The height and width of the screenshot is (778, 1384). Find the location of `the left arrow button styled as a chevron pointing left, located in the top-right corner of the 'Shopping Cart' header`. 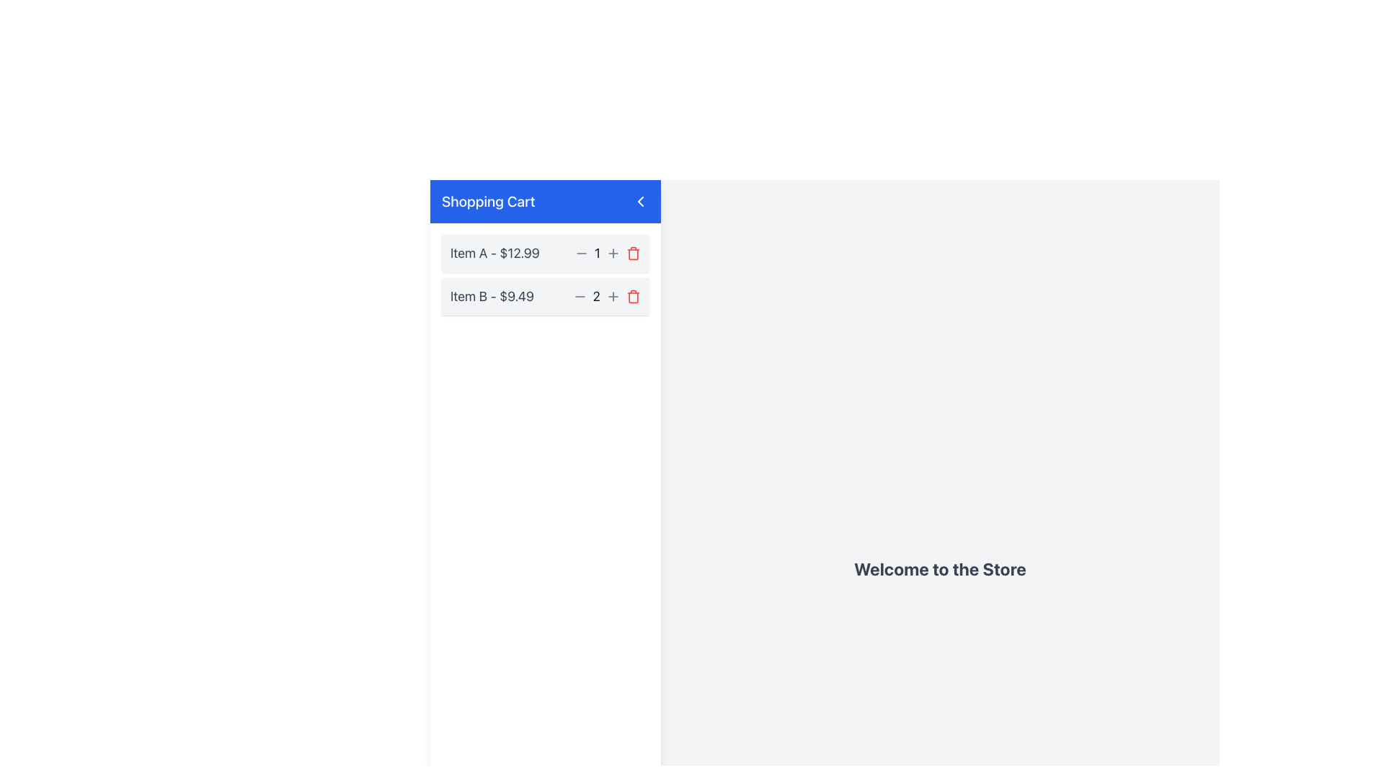

the left arrow button styled as a chevron pointing left, located in the top-right corner of the 'Shopping Cart' header is located at coordinates (639, 202).